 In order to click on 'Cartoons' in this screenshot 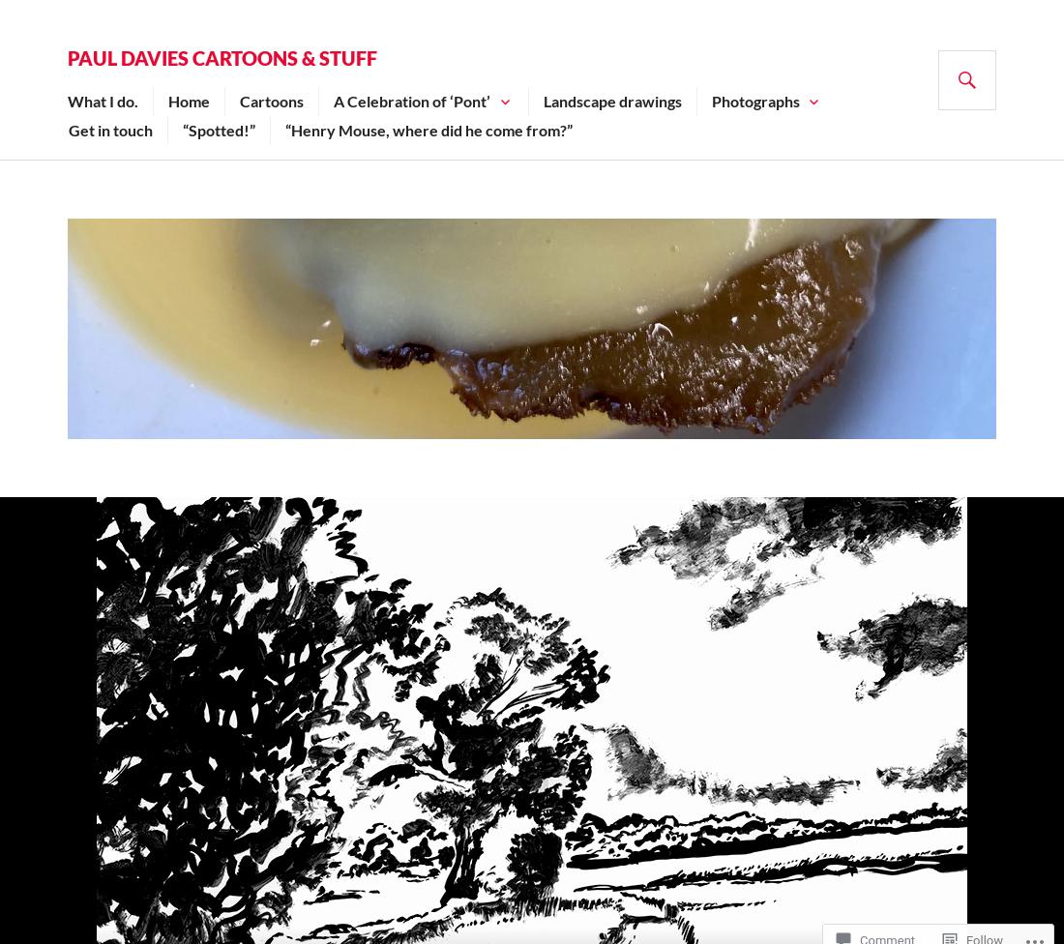, I will do `click(240, 101)`.